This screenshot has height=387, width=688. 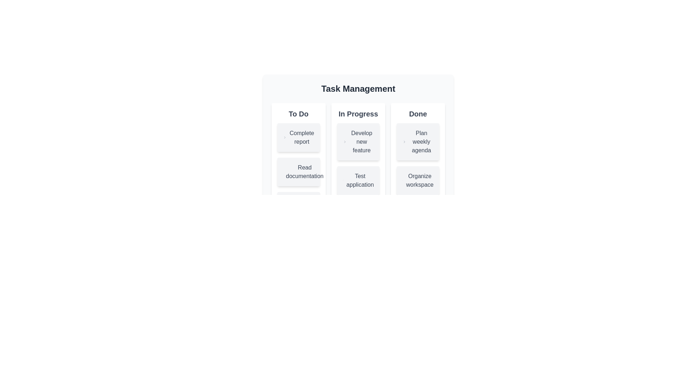 I want to click on the subtasks in the 'Done' column of the task management interface, so click(x=418, y=158).